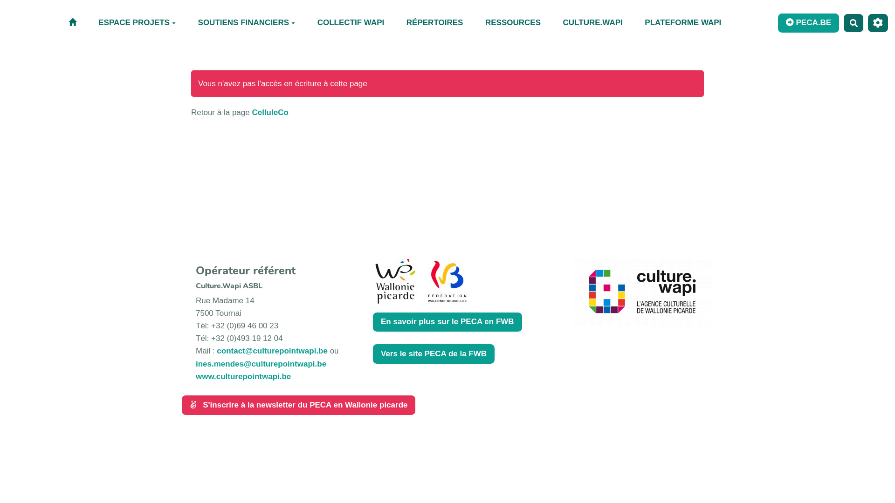 The image size is (895, 503). What do you see at coordinates (243, 376) in the screenshot?
I see `'www.culturepointwapi.be'` at bounding box center [243, 376].